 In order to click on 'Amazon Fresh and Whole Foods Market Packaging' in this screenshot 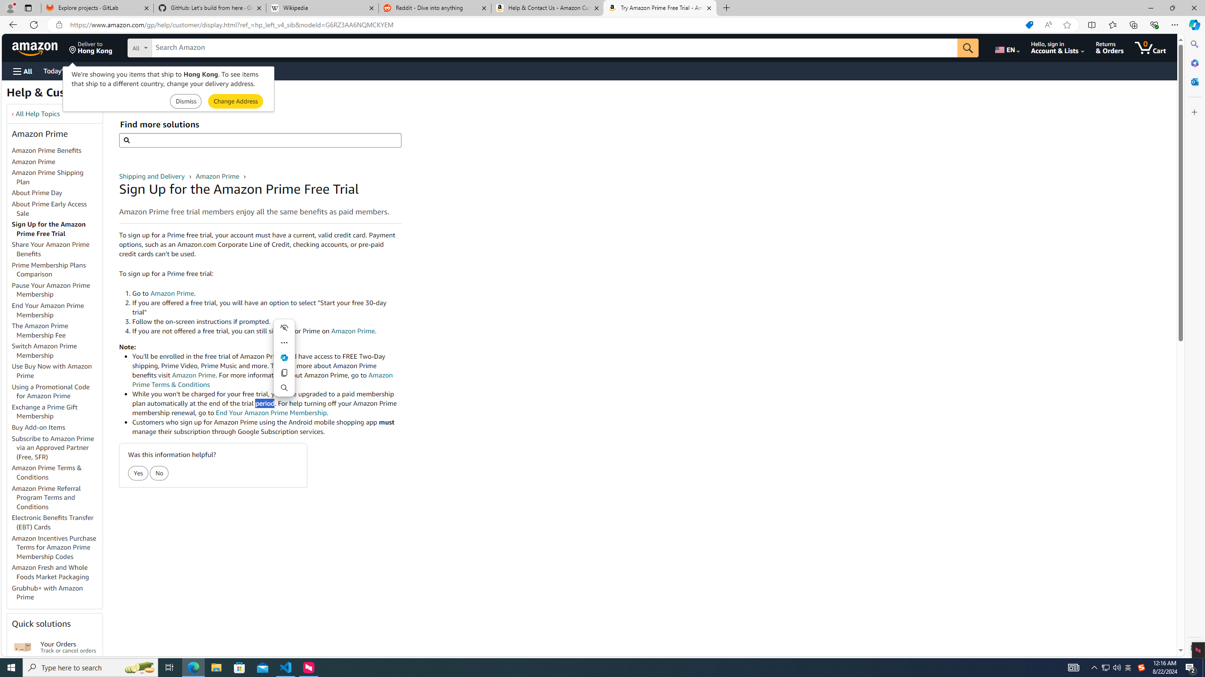, I will do `click(57, 572)`.